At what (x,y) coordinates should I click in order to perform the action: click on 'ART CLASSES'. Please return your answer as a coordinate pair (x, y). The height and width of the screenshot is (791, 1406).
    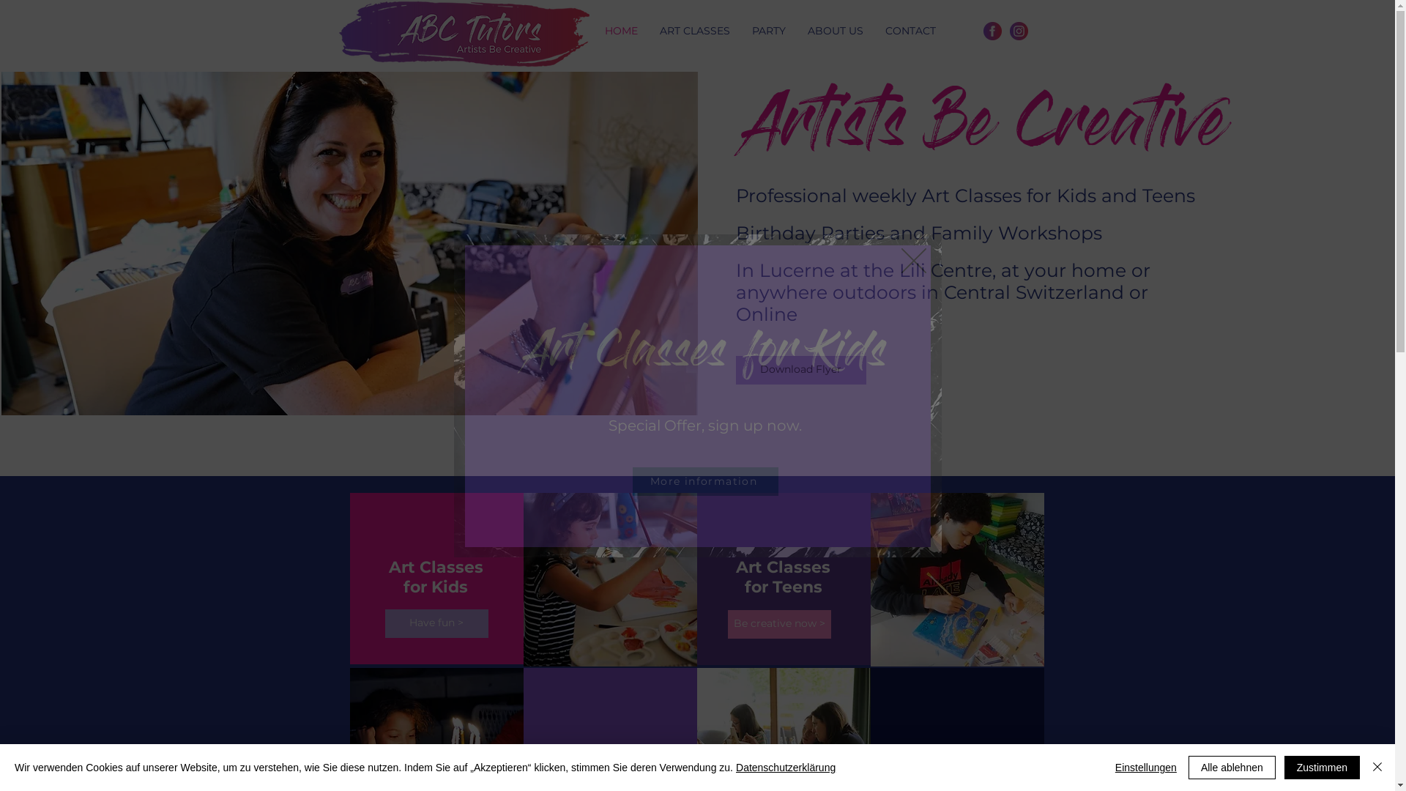
    Looking at the image, I should click on (694, 31).